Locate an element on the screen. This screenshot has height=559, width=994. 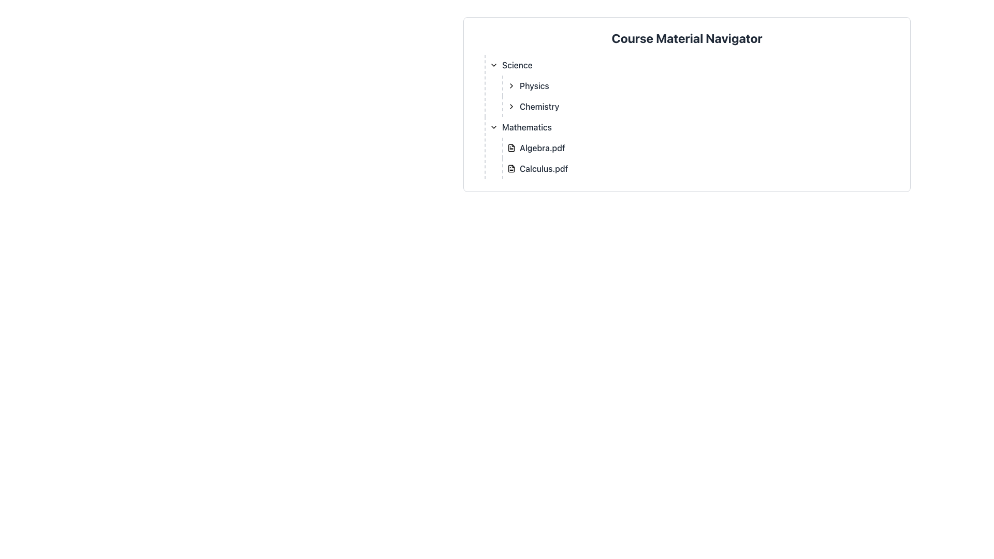
the chevron icon is located at coordinates (511, 106).